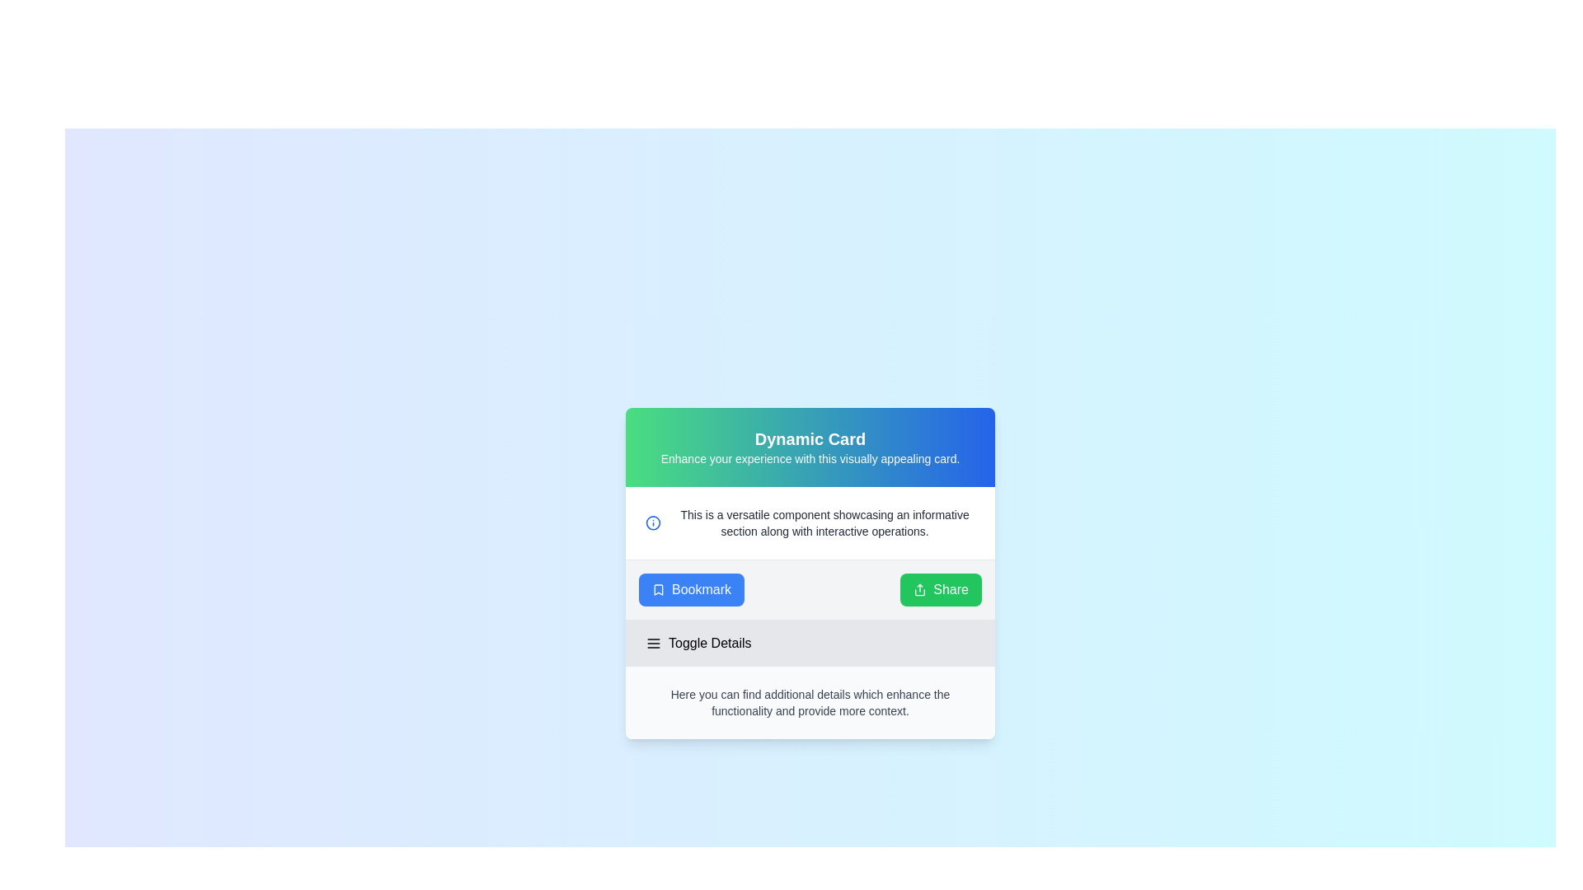 The height and width of the screenshot is (890, 1583). Describe the element at coordinates (657, 589) in the screenshot. I see `the SVG icon depicting a bookmark shape, which is part of the 'Bookmark' button located on the left side of the button` at that location.